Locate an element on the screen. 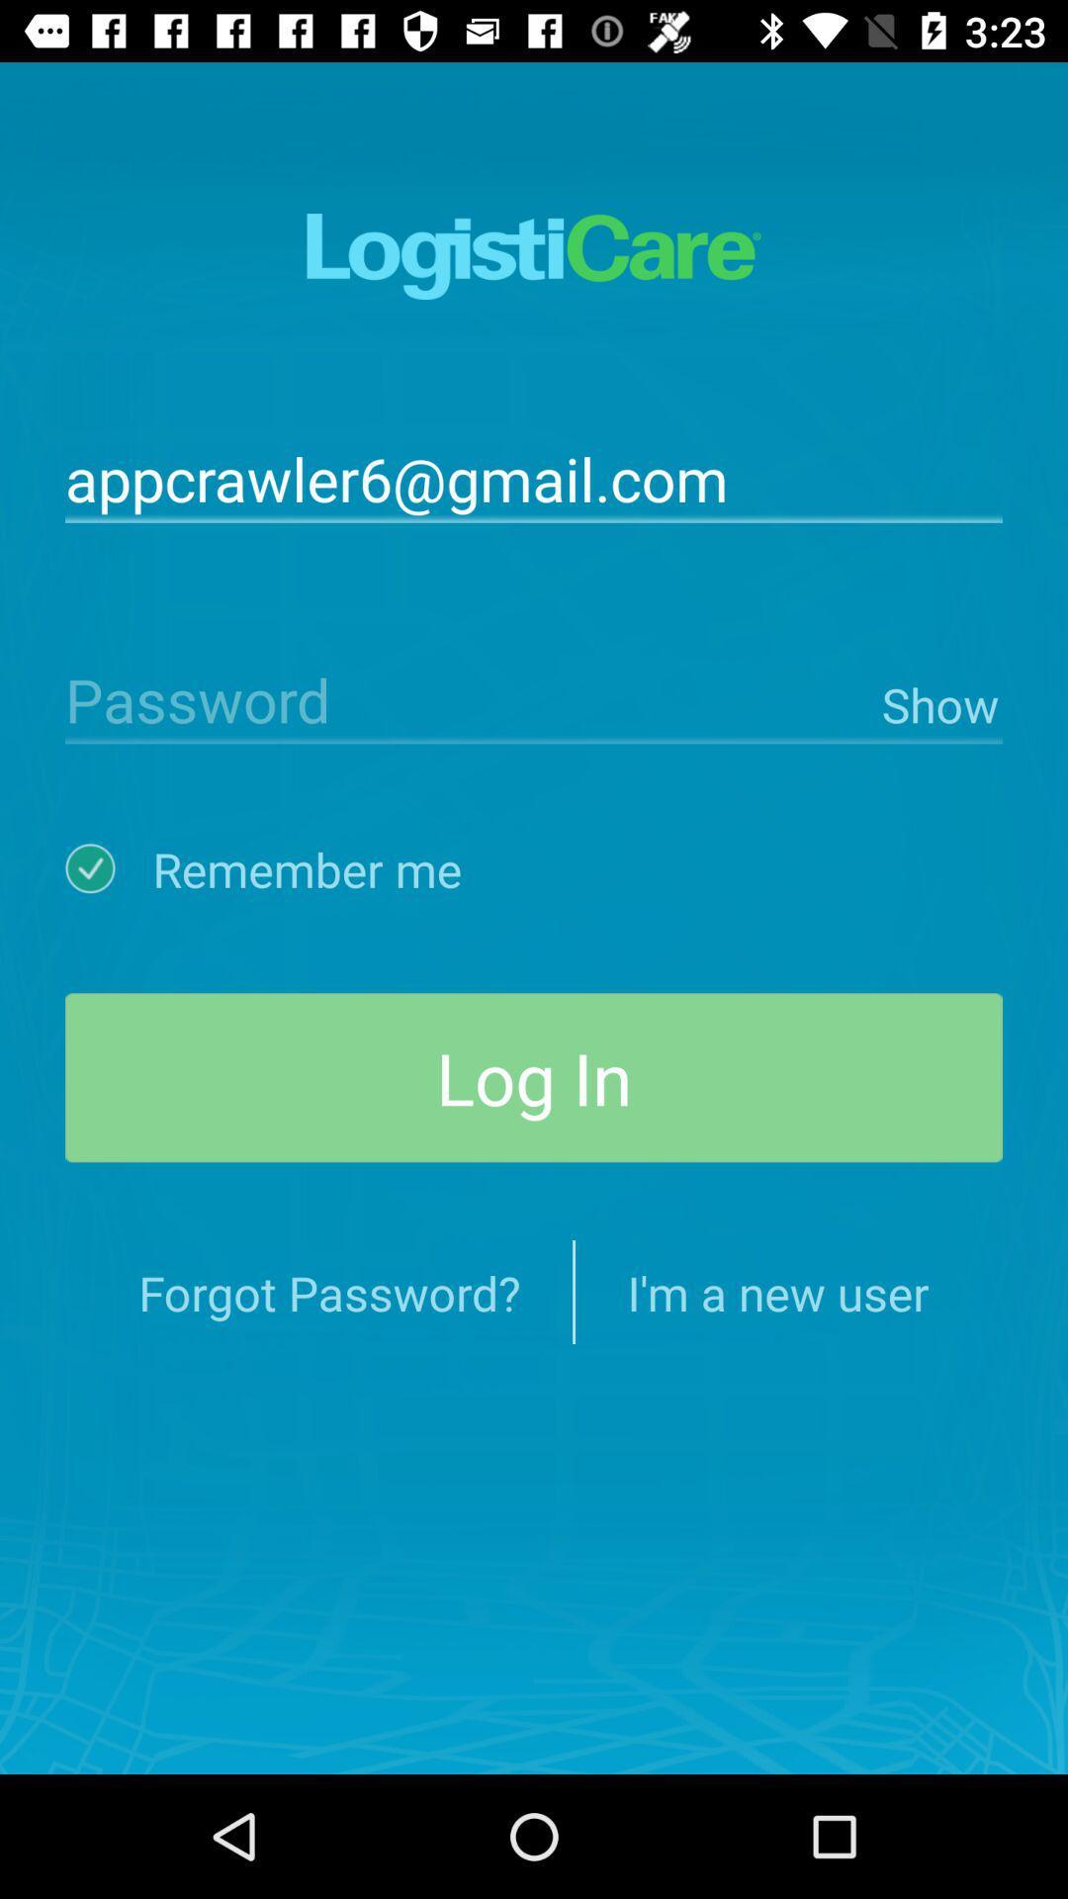  password is located at coordinates (469, 698).